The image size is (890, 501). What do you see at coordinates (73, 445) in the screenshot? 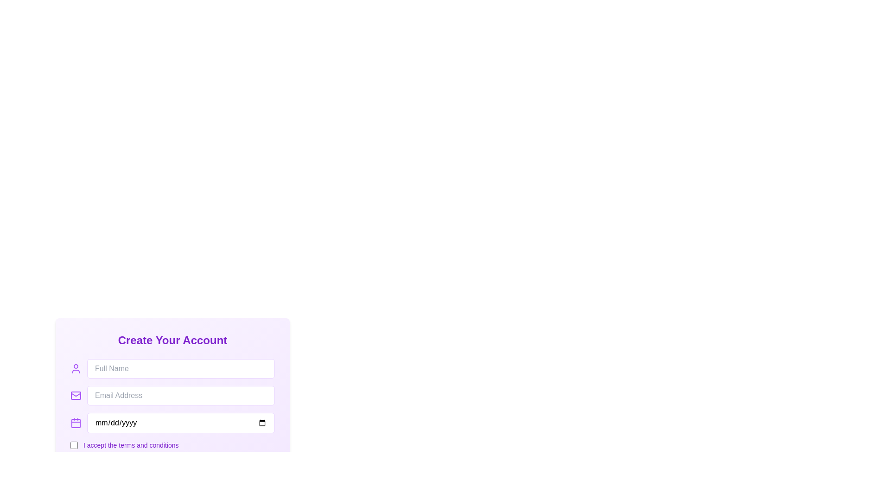
I see `the checkbox with a purple border and fill` at bounding box center [73, 445].